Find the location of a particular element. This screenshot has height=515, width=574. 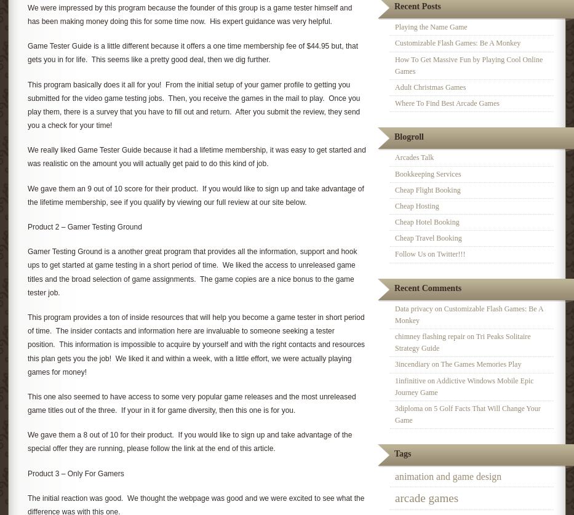

'Tri Peaks Solitaire Strategy Guide' is located at coordinates (461, 341).